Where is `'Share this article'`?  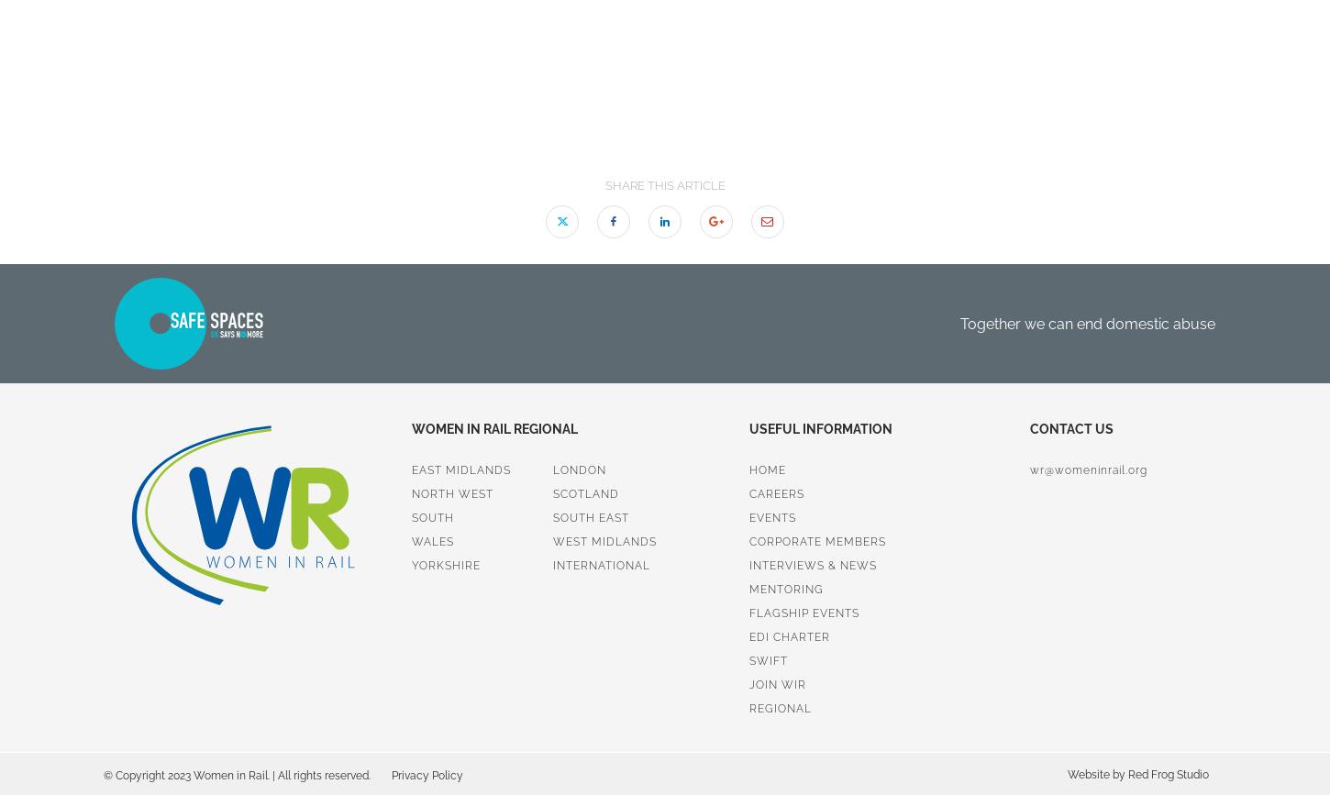
'Share this article' is located at coordinates (604, 184).